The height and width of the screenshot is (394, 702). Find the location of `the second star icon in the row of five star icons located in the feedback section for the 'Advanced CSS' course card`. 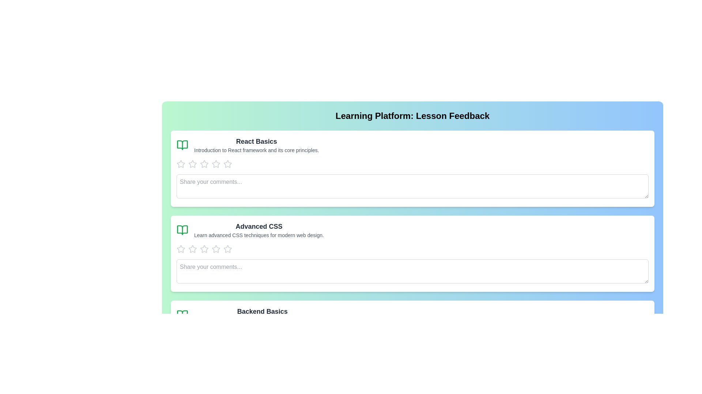

the second star icon in the row of five star icons located in the feedback section for the 'Advanced CSS' course card is located at coordinates (193, 248).